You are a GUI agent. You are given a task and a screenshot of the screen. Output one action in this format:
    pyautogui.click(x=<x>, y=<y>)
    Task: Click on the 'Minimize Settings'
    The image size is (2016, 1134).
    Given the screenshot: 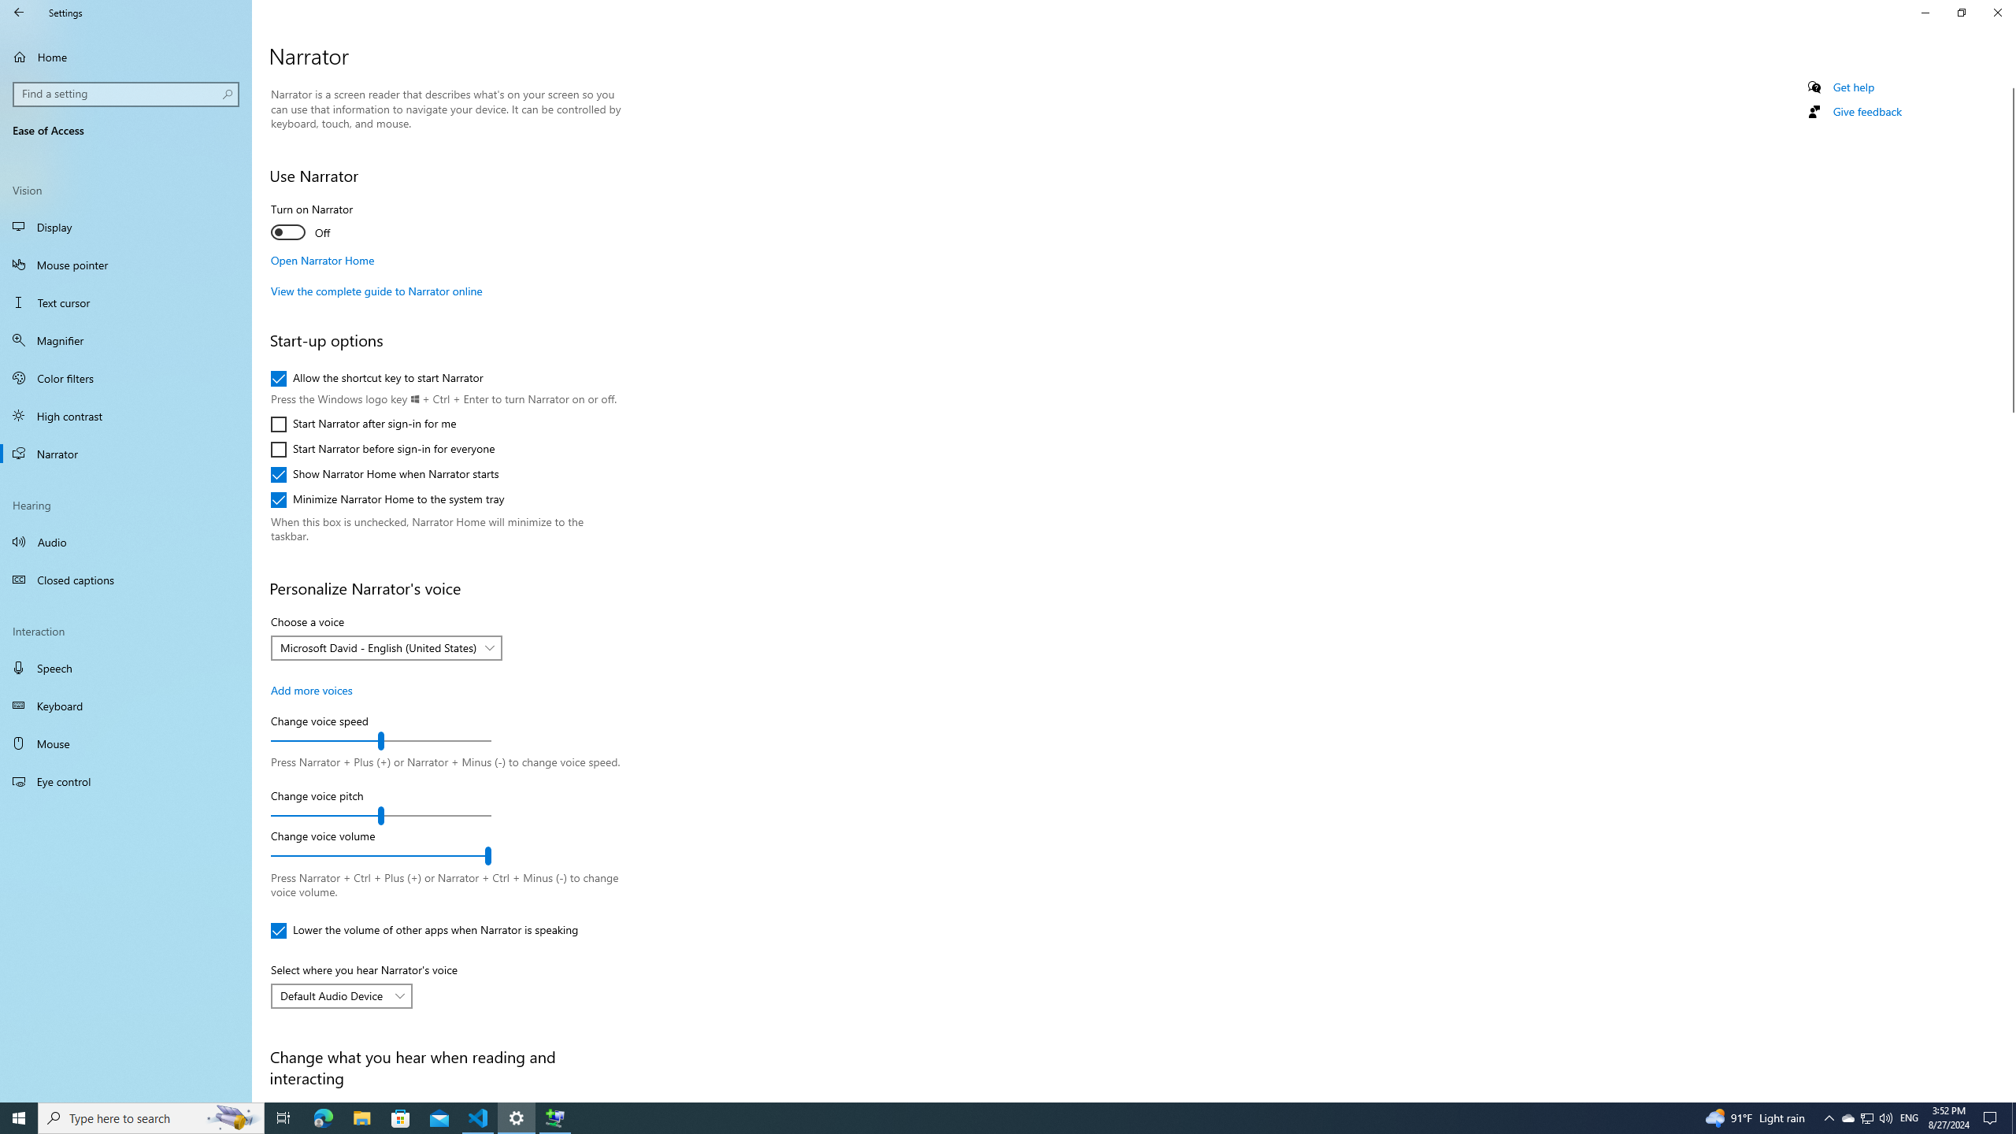 What is the action you would take?
    pyautogui.click(x=1924, y=12)
    